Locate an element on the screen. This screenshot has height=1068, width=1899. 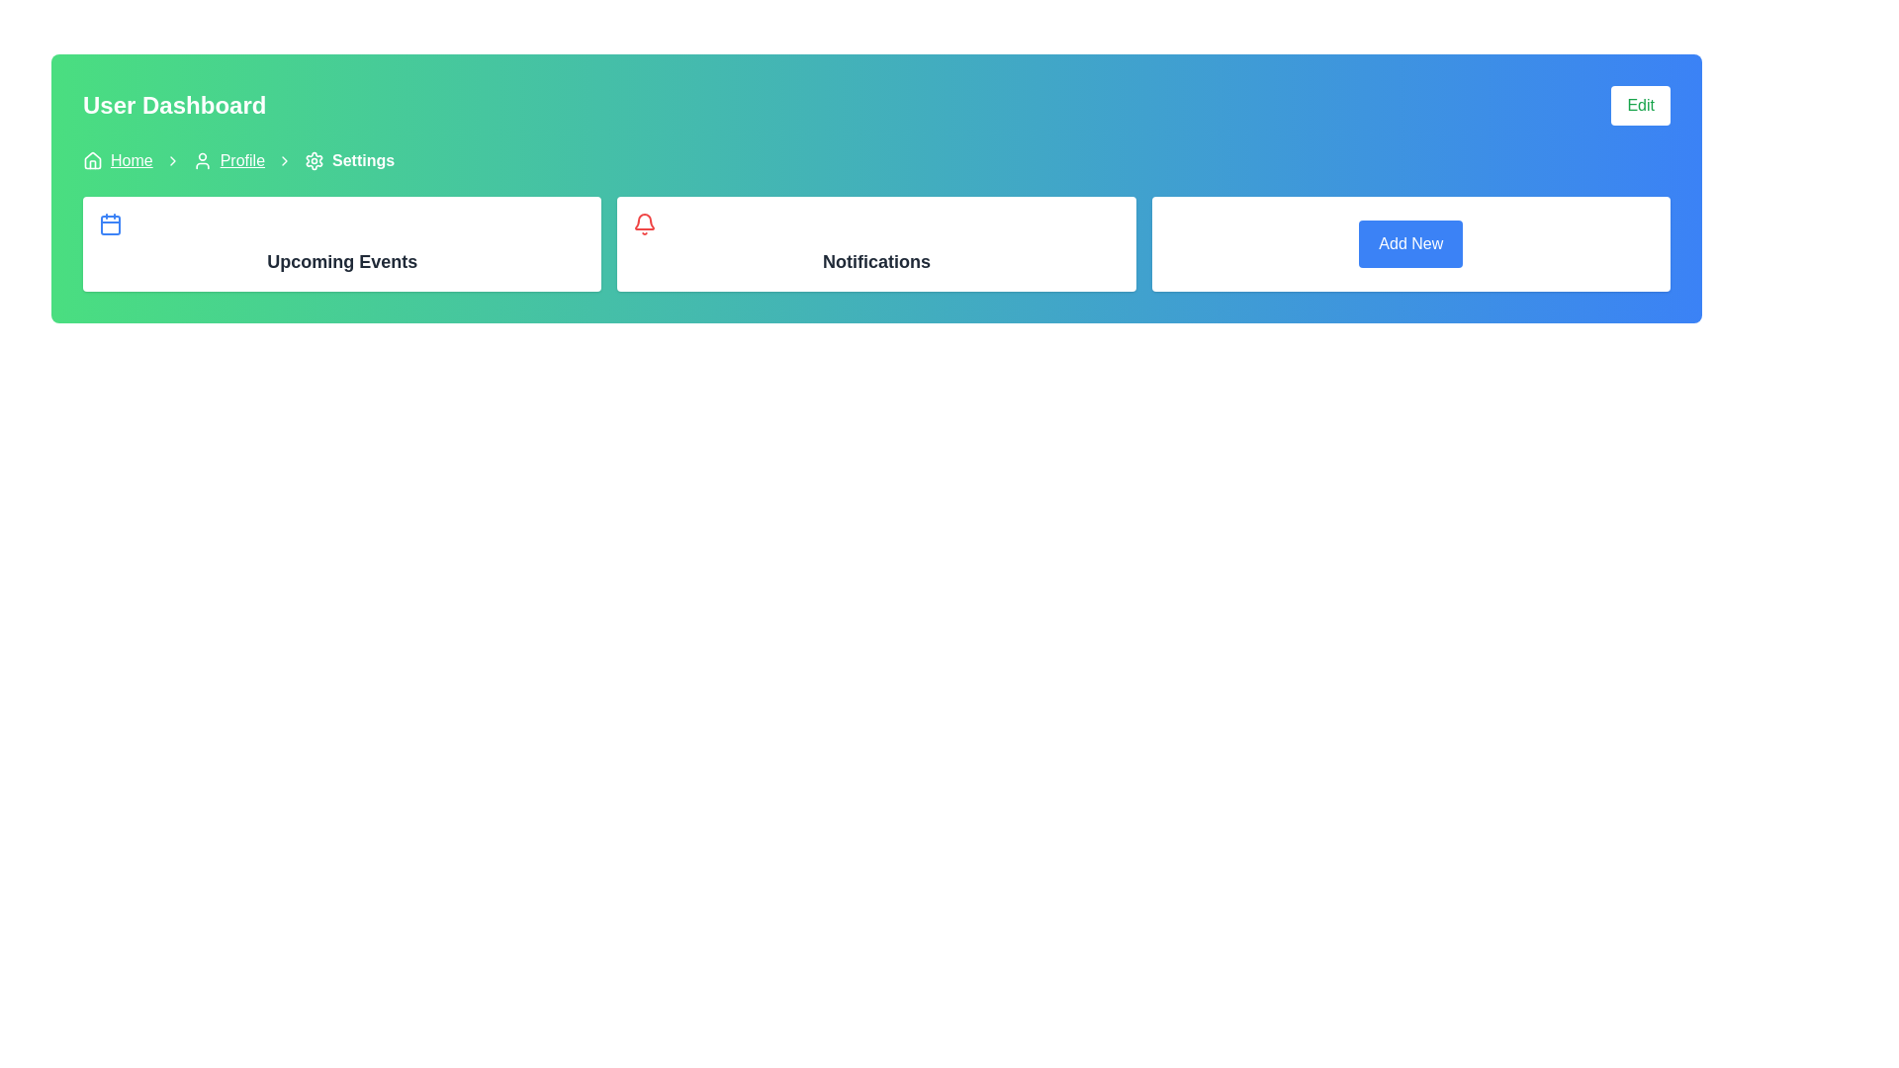
the profile icon in the breadcrumb navigation bar, which serves as a visual cue representing the user's profile, located between the 'Home' link and the 'Profile' text link is located at coordinates (202, 159).